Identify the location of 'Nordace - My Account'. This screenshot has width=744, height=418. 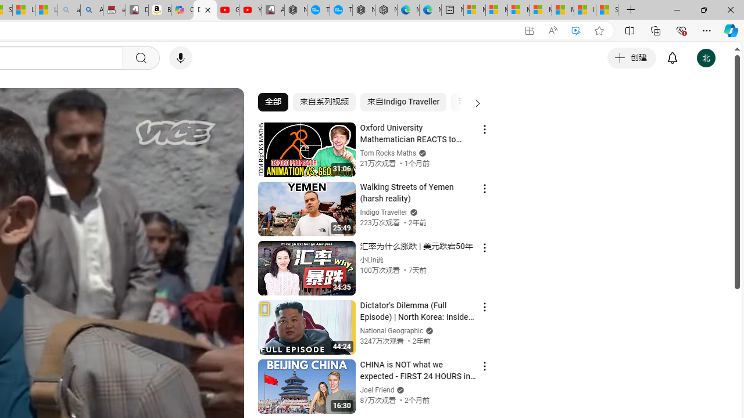
(296, 10).